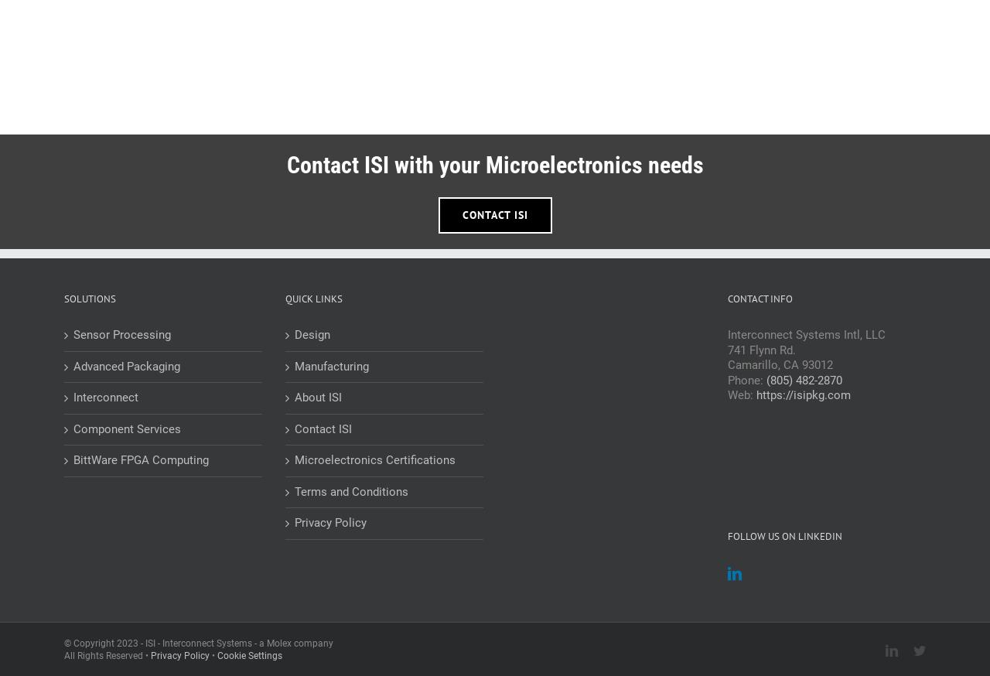  What do you see at coordinates (727, 395) in the screenshot?
I see `'Web:'` at bounding box center [727, 395].